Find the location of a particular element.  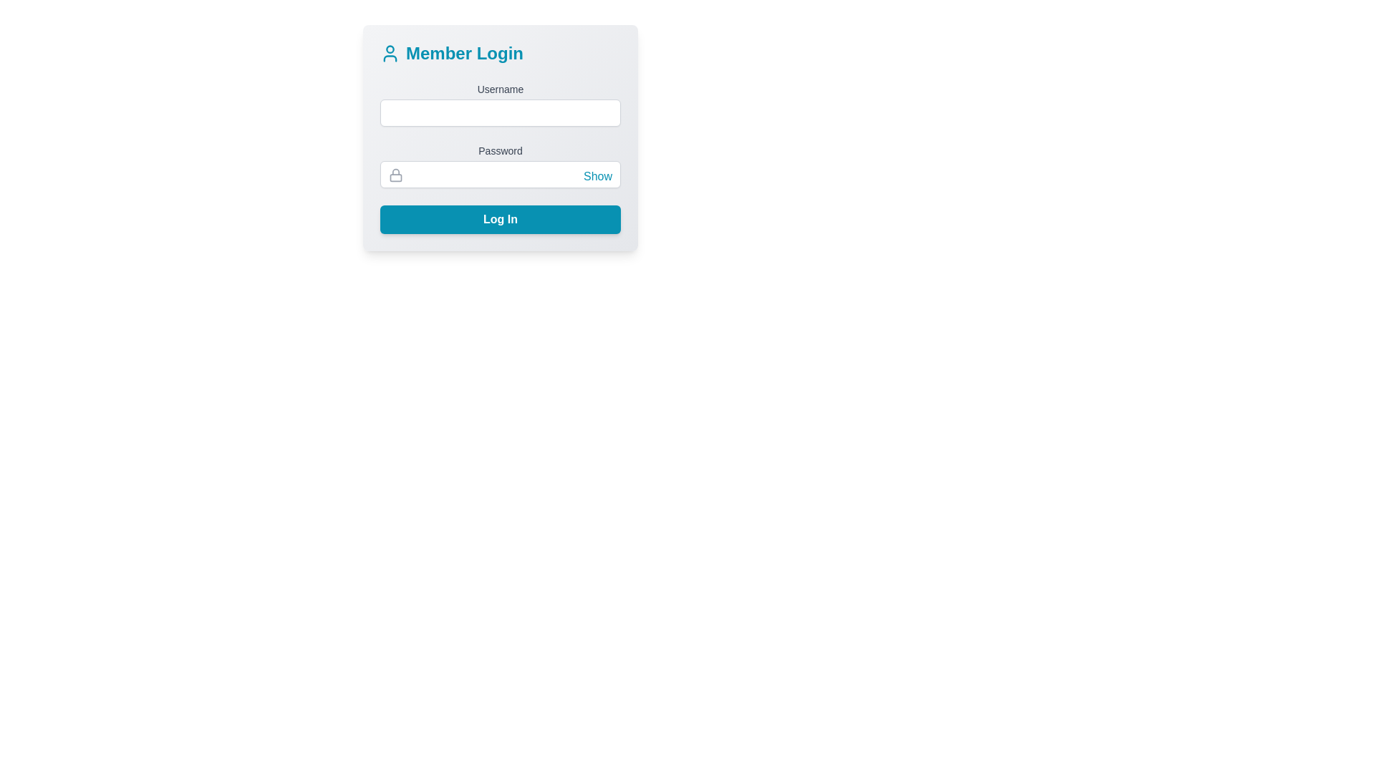

the lock icon in the password input field is located at coordinates (501, 165).